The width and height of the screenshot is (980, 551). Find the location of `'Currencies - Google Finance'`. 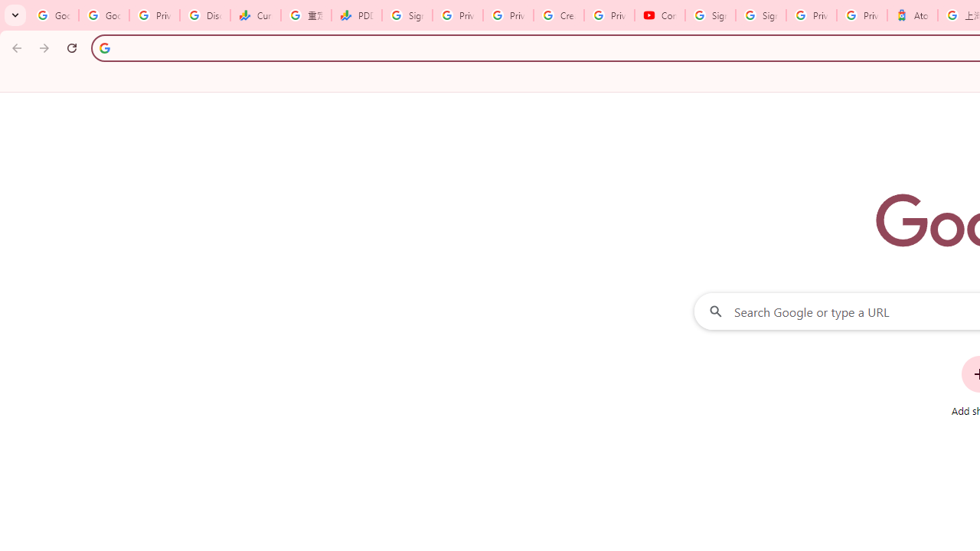

'Currencies - Google Finance' is located at coordinates (256, 15).